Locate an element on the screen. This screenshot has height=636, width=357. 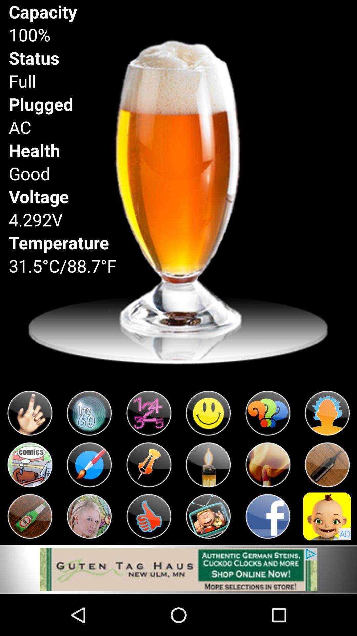
like the image is located at coordinates (149, 516).